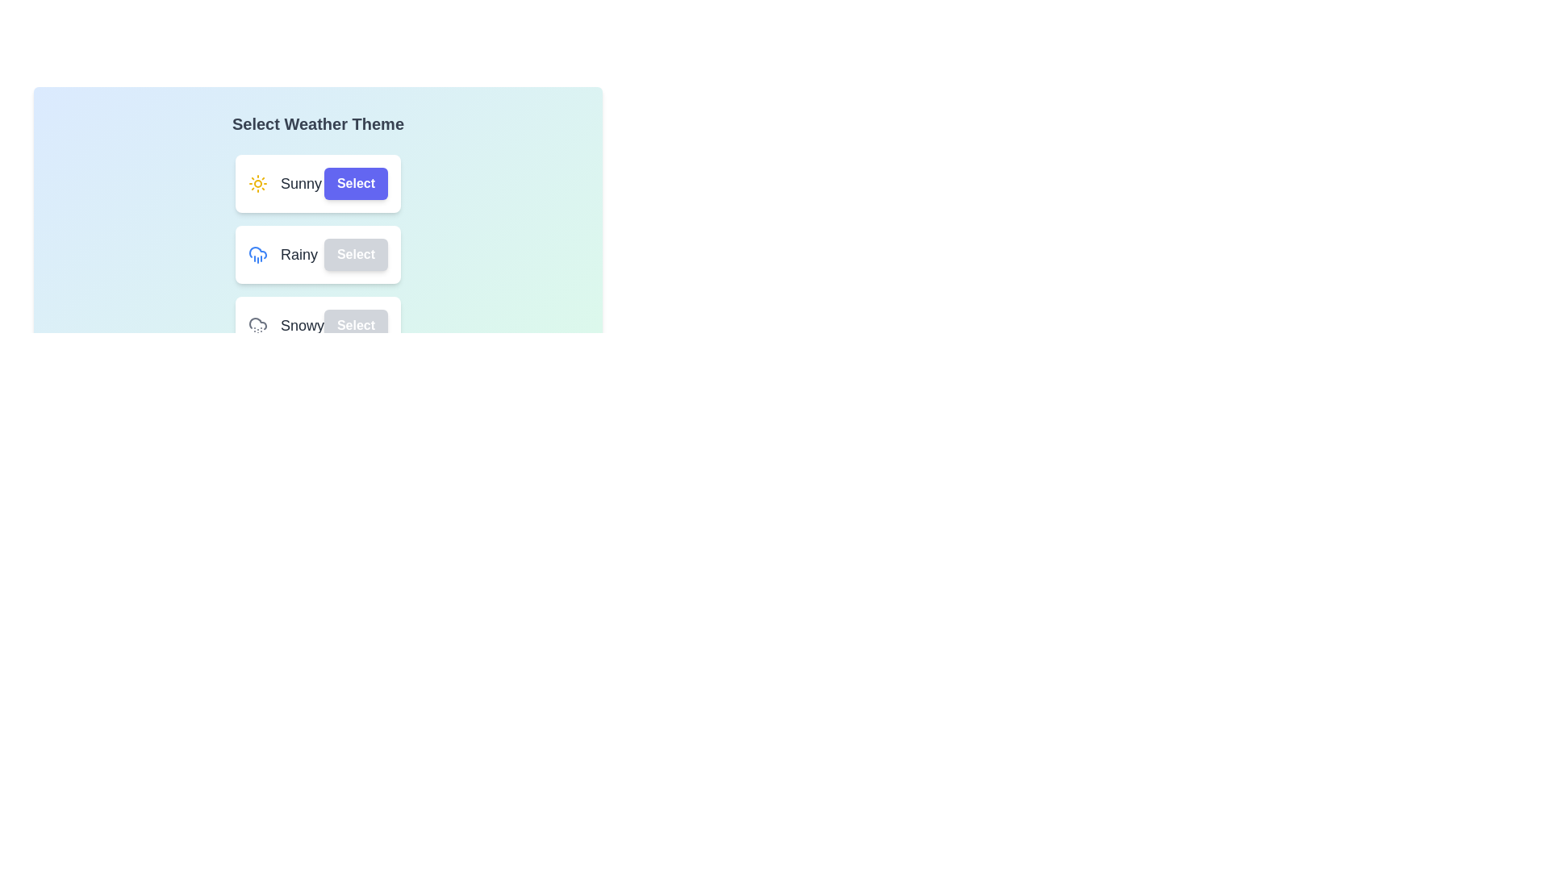 This screenshot has height=871, width=1549. Describe the element at coordinates (257, 182) in the screenshot. I see `the icon for the sunny weather theme` at that location.